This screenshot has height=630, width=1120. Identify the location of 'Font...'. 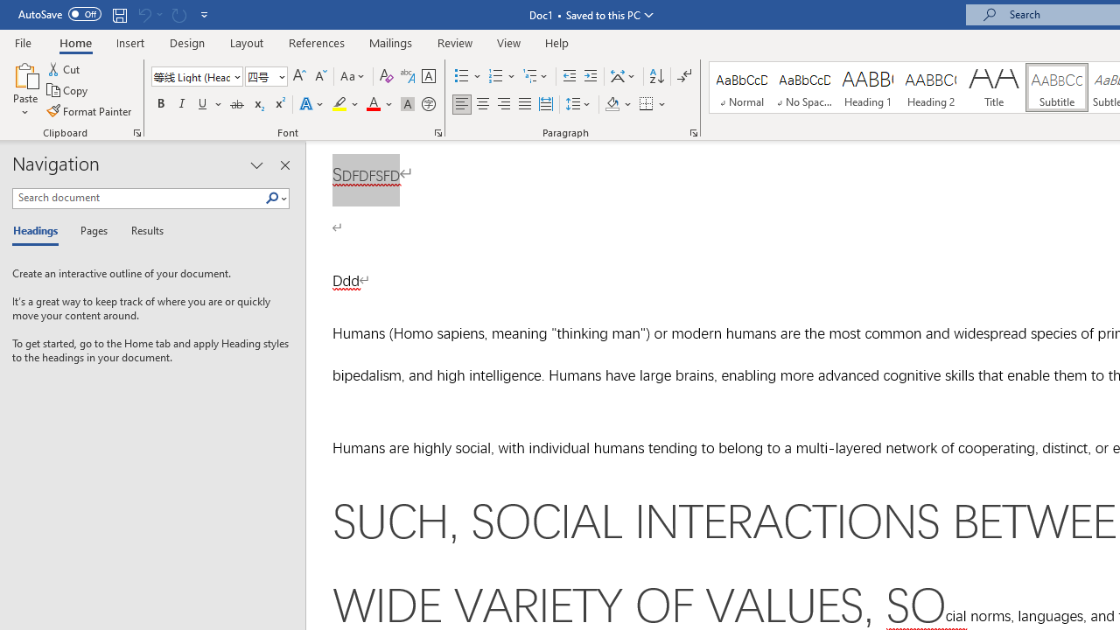
(438, 131).